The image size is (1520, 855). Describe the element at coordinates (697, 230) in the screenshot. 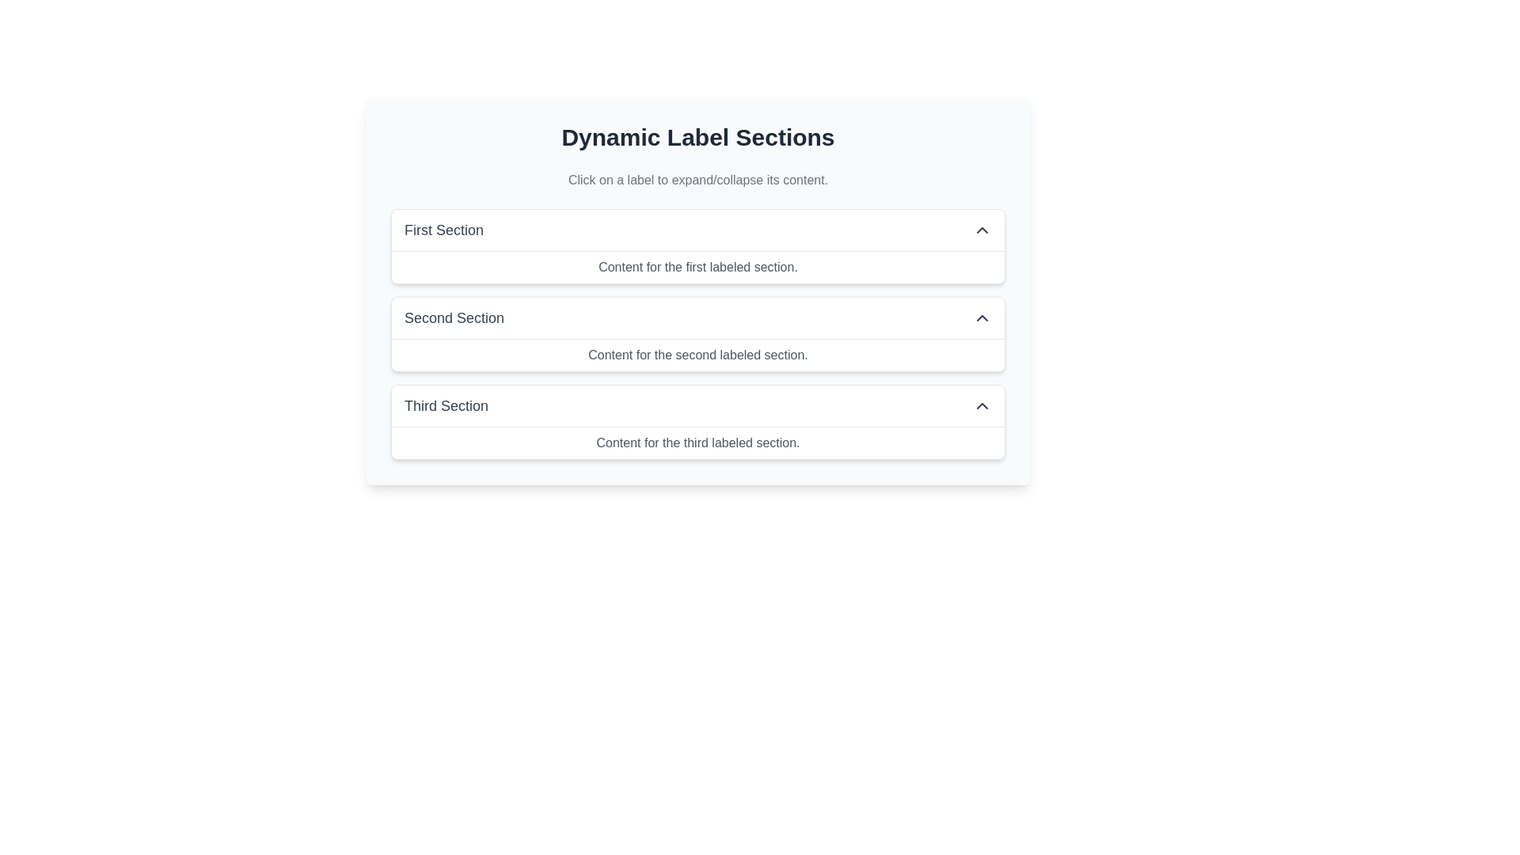

I see `the toggle button for expanding or collapsing the content panel labeled 'Content for the first labeled section.'` at that location.